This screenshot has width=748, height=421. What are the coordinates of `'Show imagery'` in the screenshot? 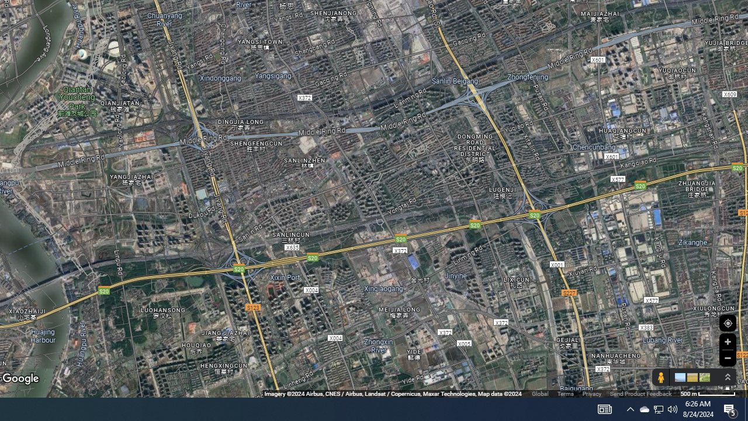 It's located at (702, 377).